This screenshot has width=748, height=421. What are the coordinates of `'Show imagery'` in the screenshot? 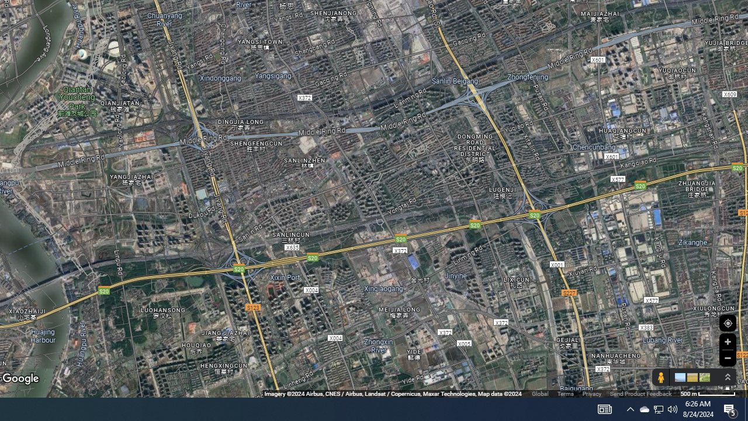 It's located at (702, 377).